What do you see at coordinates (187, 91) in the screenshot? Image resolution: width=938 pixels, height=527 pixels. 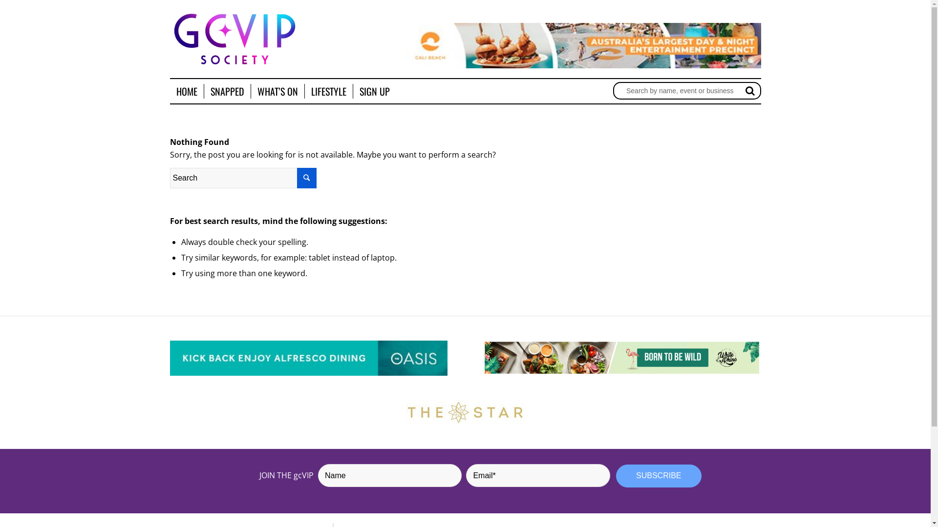 I see `'HOME'` at bounding box center [187, 91].